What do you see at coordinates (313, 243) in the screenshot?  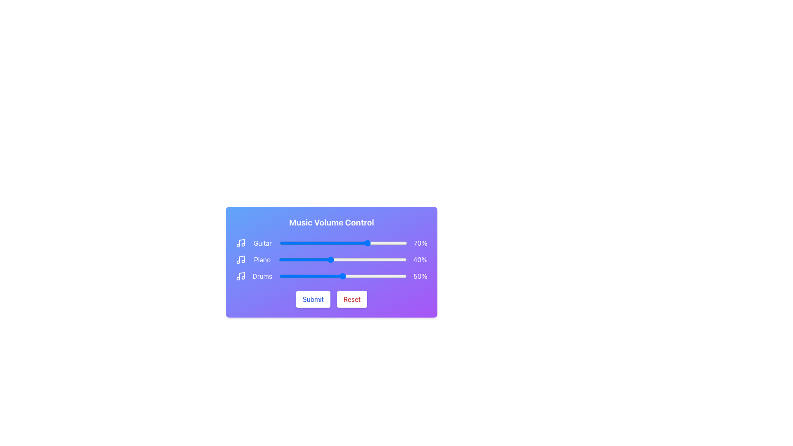 I see `guitar volume` at bounding box center [313, 243].